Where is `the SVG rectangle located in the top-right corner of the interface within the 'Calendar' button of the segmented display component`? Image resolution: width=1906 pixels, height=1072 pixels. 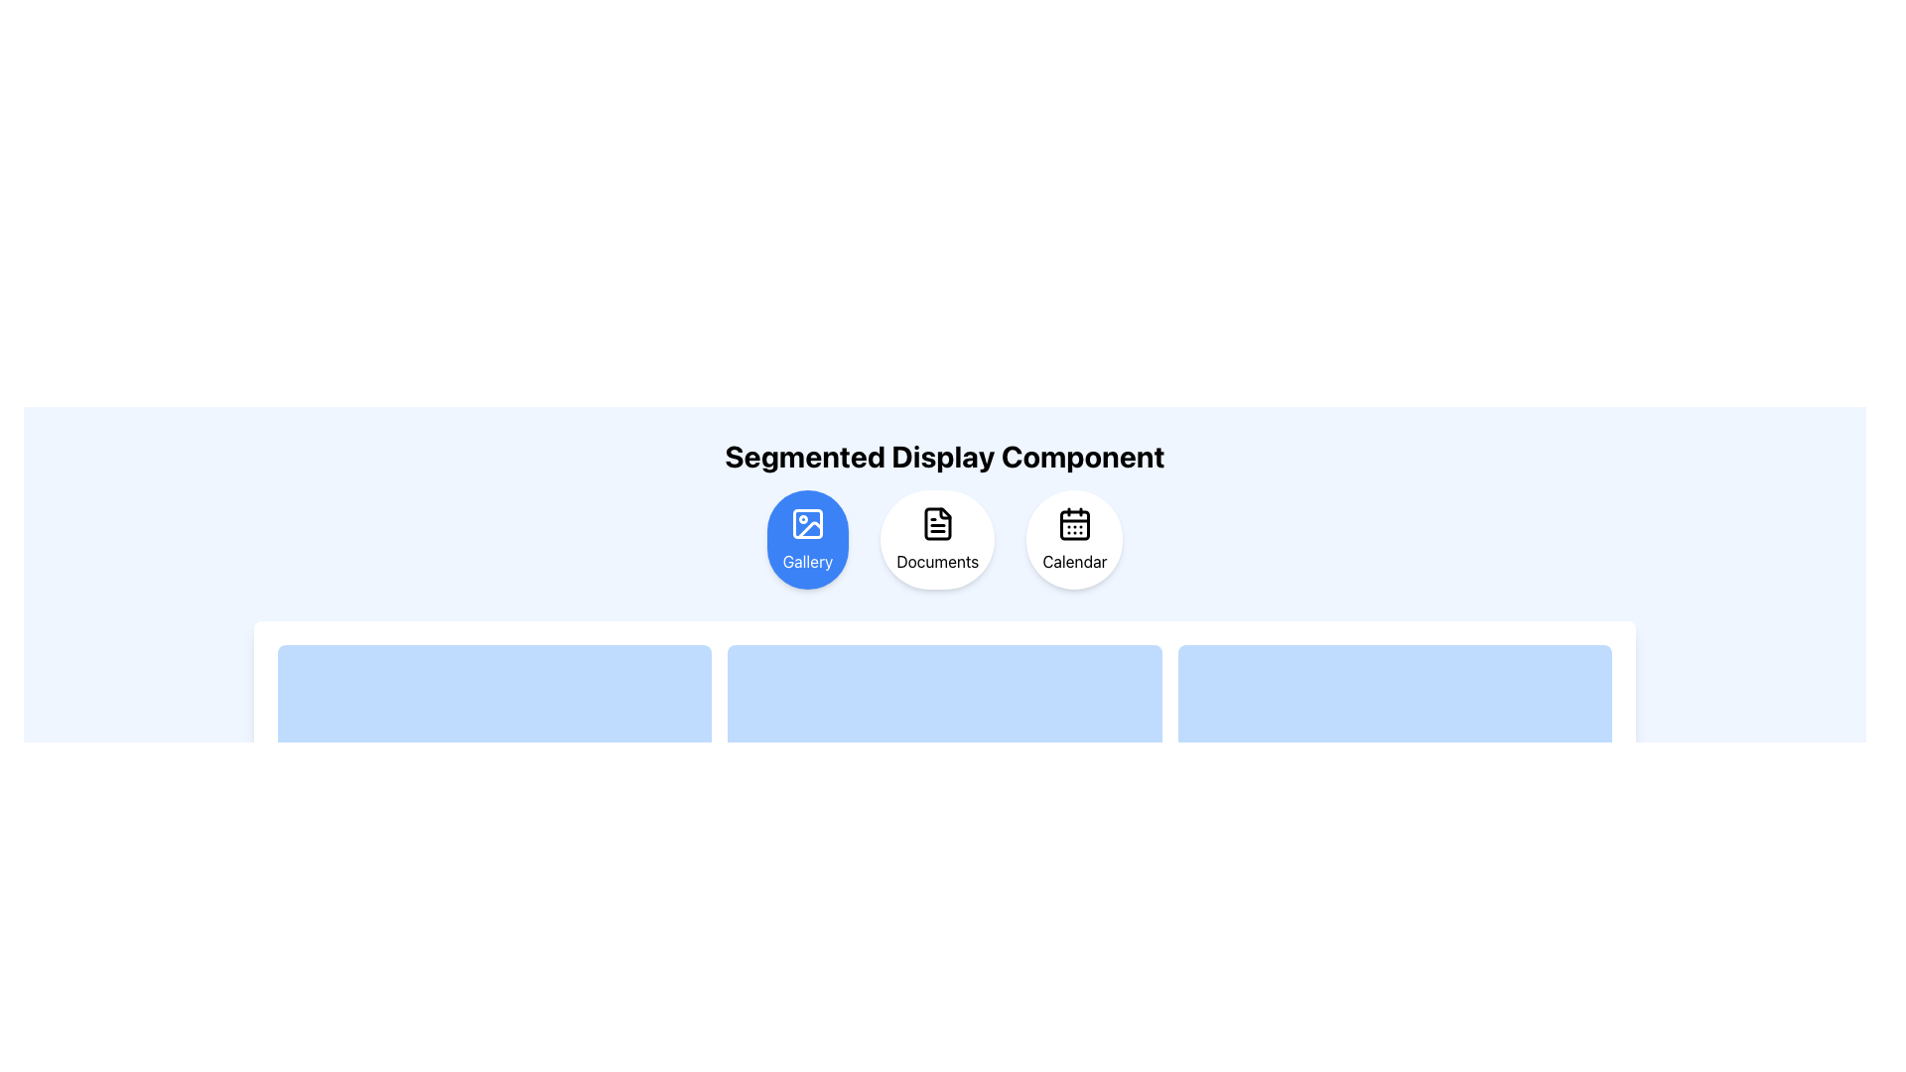
the SVG rectangle located in the top-right corner of the interface within the 'Calendar' button of the segmented display component is located at coordinates (1073, 524).